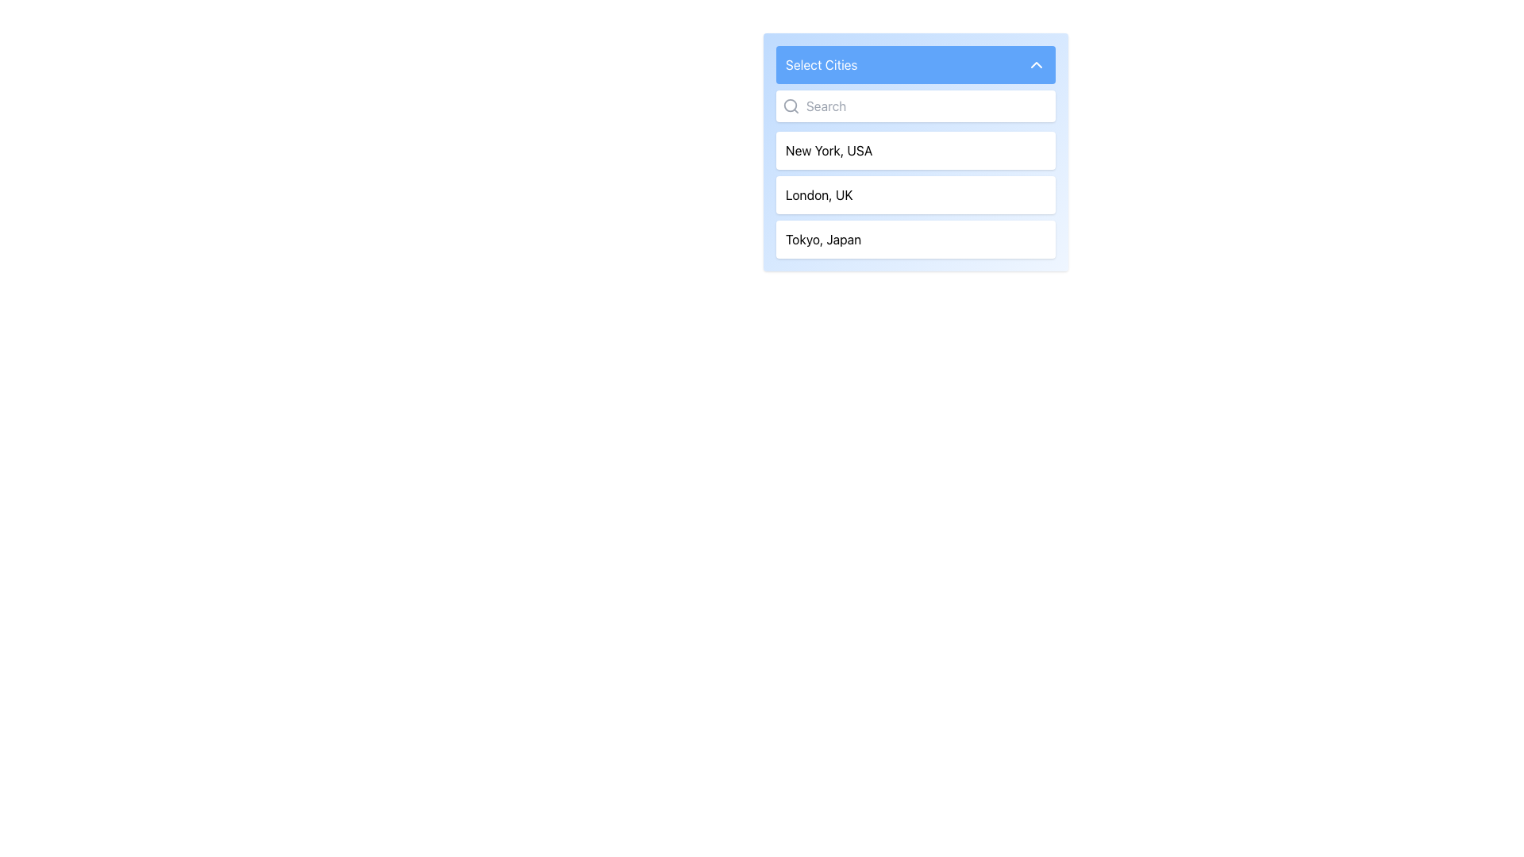 The height and width of the screenshot is (857, 1524). I want to click on the search input field located directly above the list of city options under the 'Select Cities' section, so click(915, 106).